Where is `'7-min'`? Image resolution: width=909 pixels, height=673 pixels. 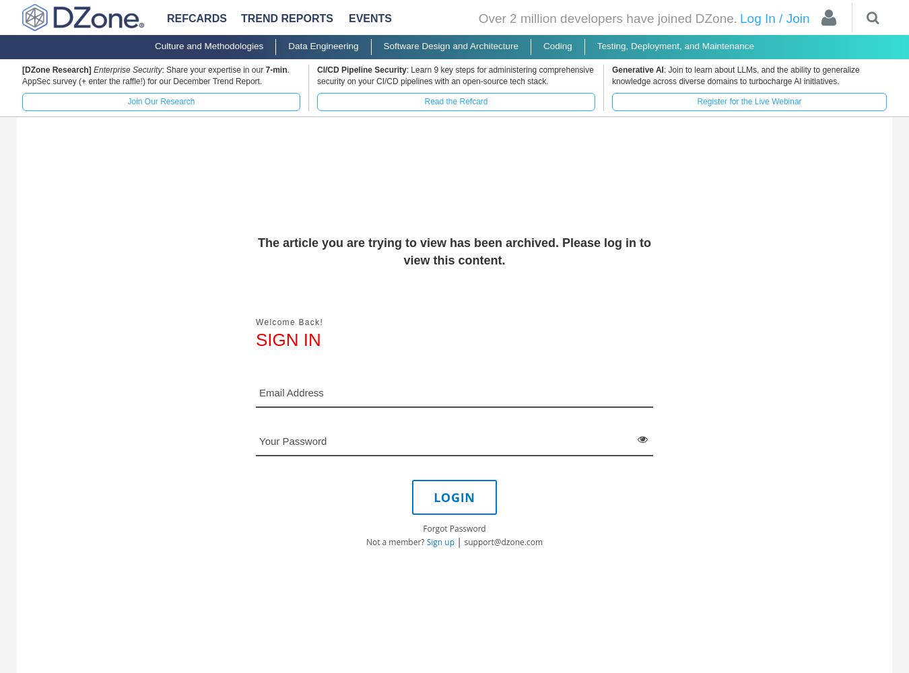 '7-min' is located at coordinates (275, 69).